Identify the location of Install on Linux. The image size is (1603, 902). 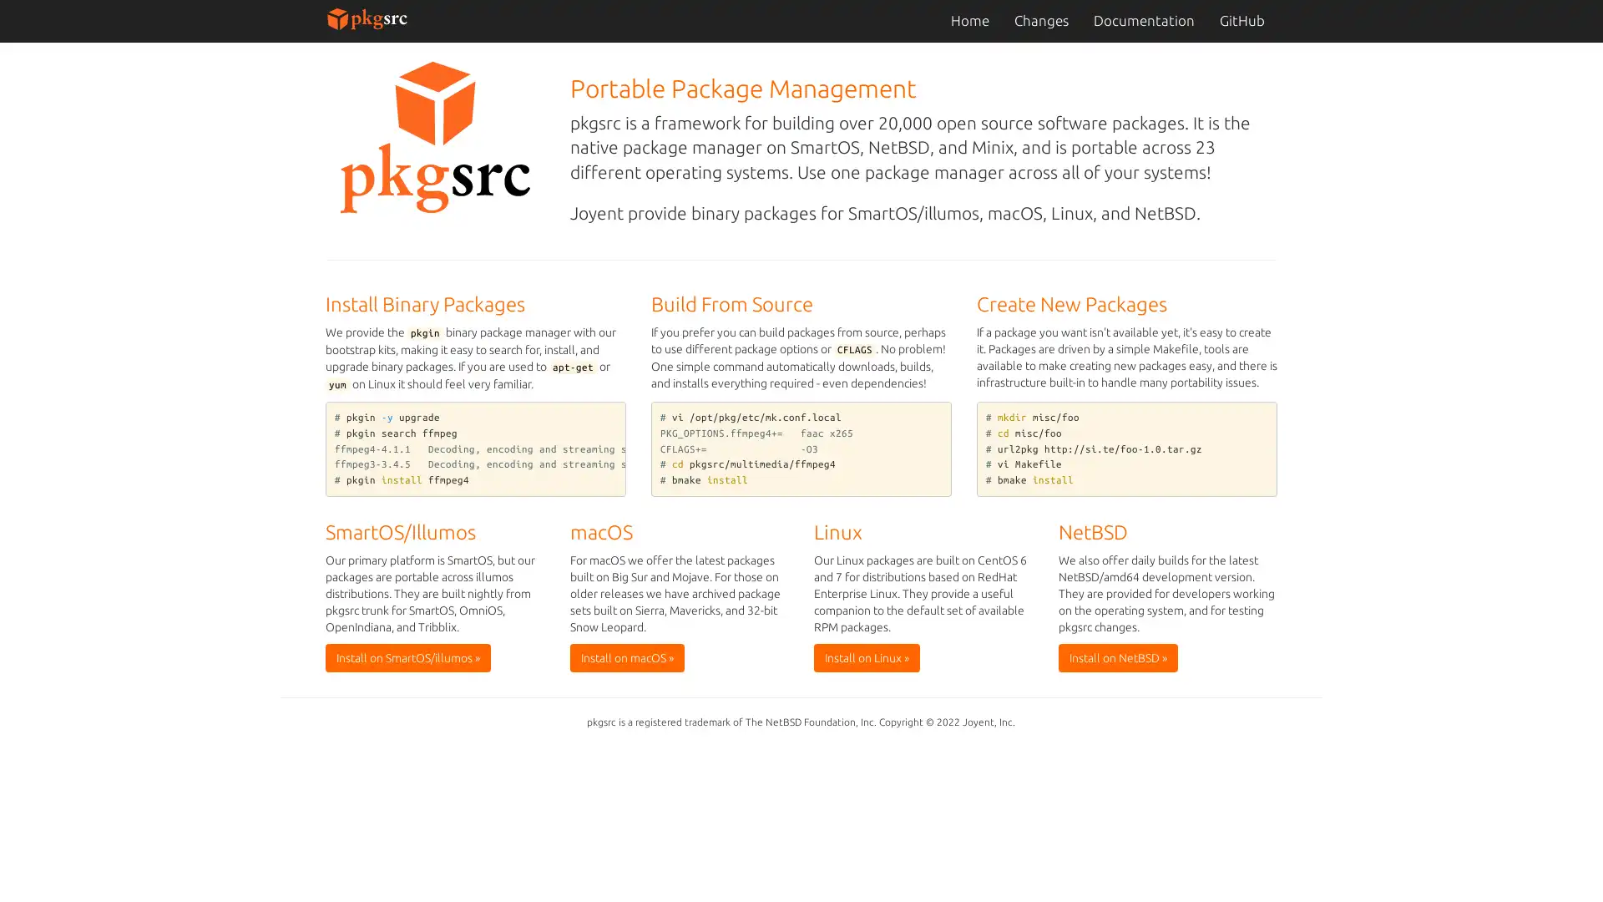
(867, 656).